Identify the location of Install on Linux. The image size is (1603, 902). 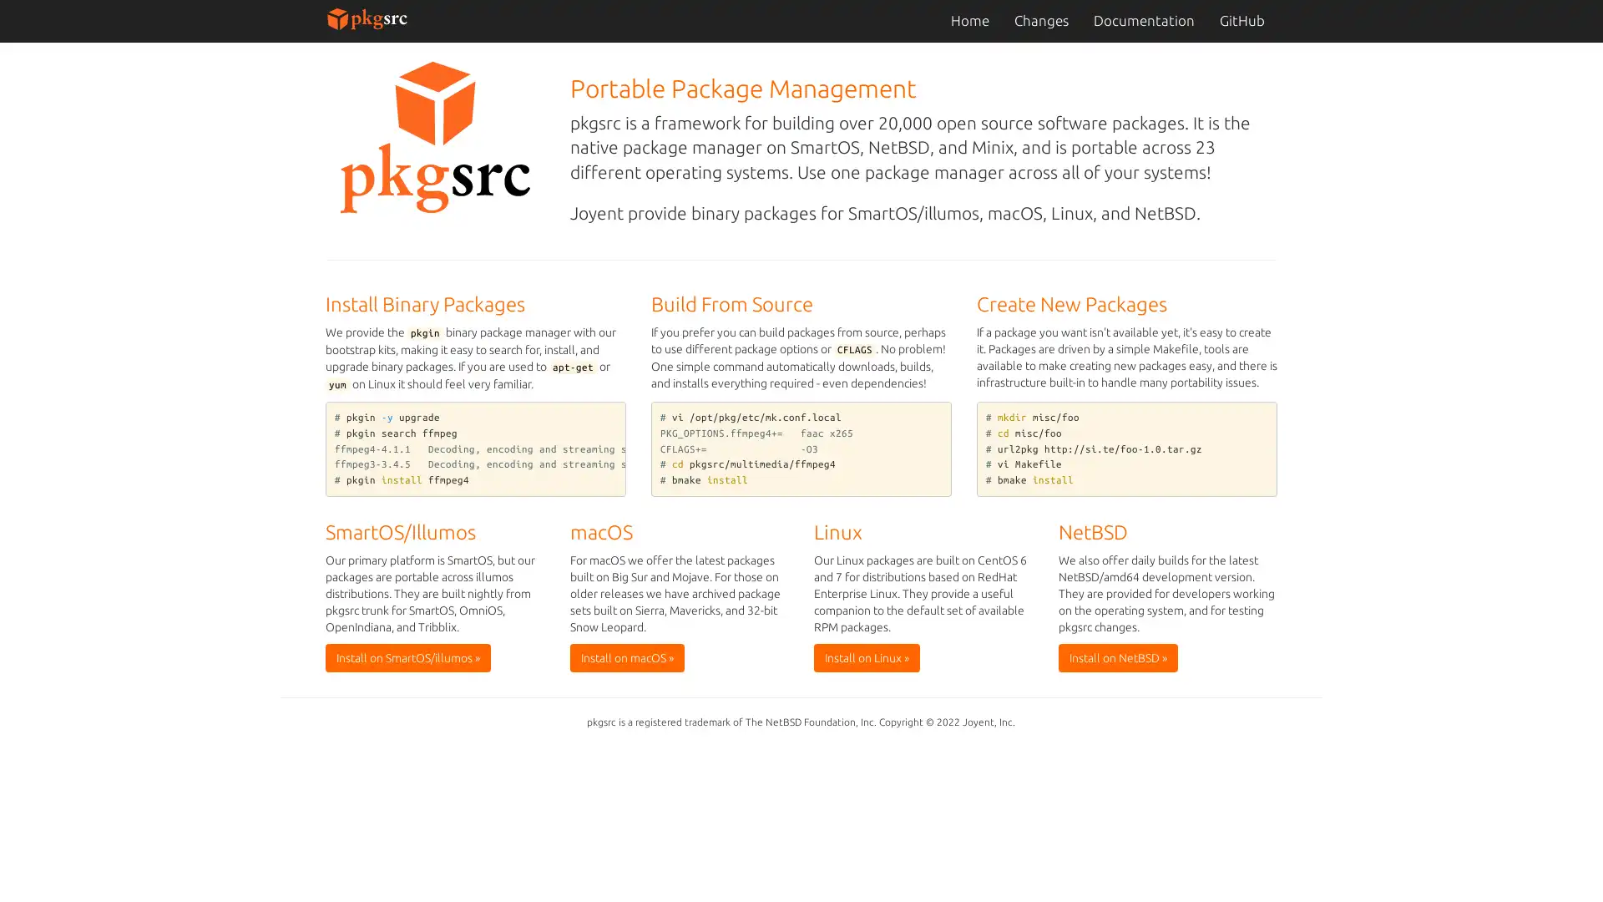
(867, 656).